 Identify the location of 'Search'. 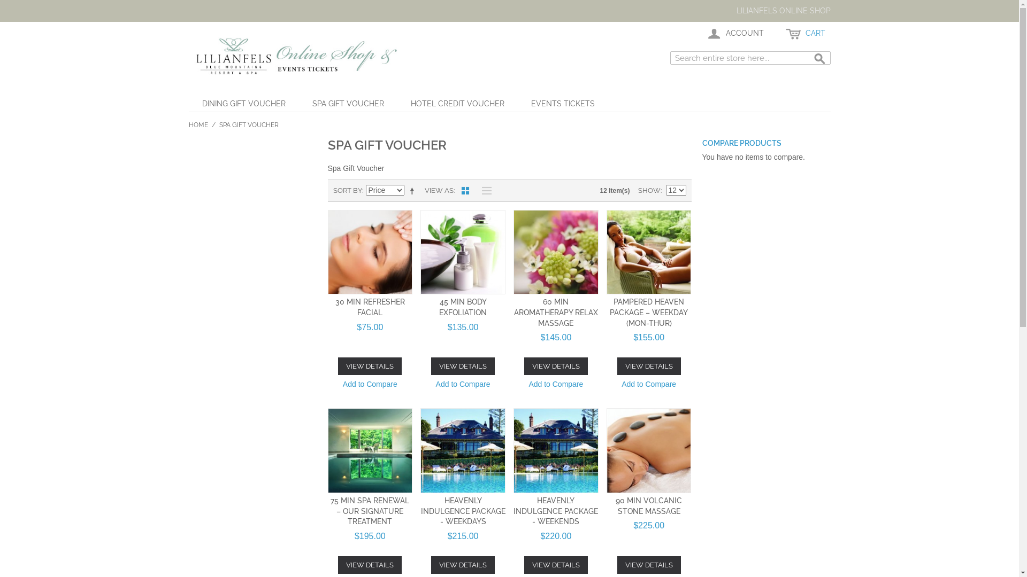
(818, 59).